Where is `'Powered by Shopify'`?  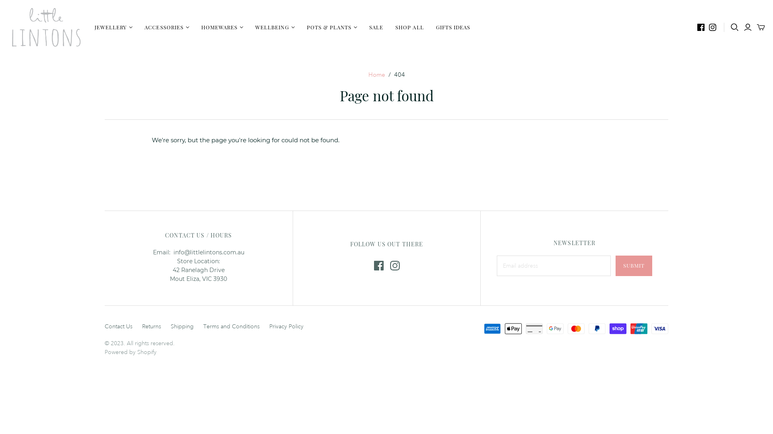
'Powered by Shopify' is located at coordinates (104, 351).